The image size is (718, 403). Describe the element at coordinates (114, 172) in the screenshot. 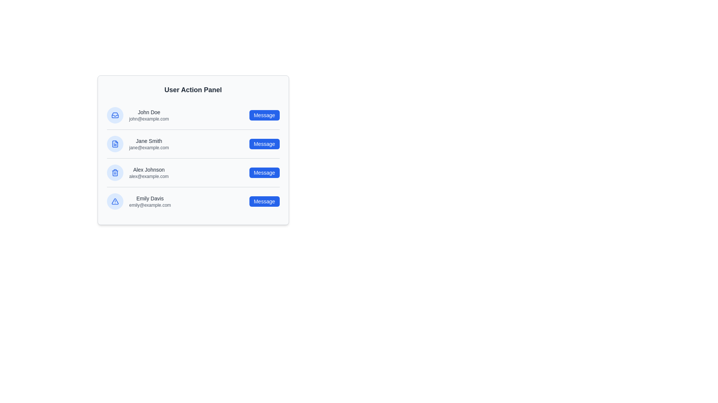

I see `the profile icon of Alex Johnson` at that location.